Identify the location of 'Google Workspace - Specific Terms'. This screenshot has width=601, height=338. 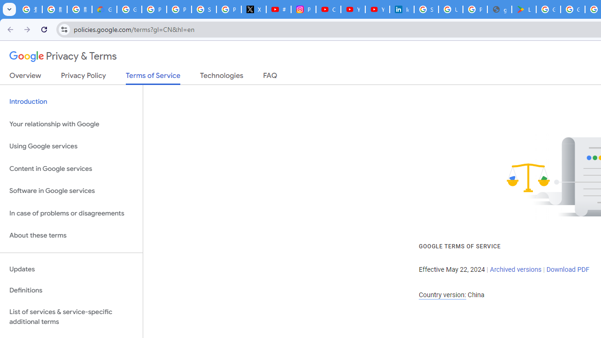
(572, 9).